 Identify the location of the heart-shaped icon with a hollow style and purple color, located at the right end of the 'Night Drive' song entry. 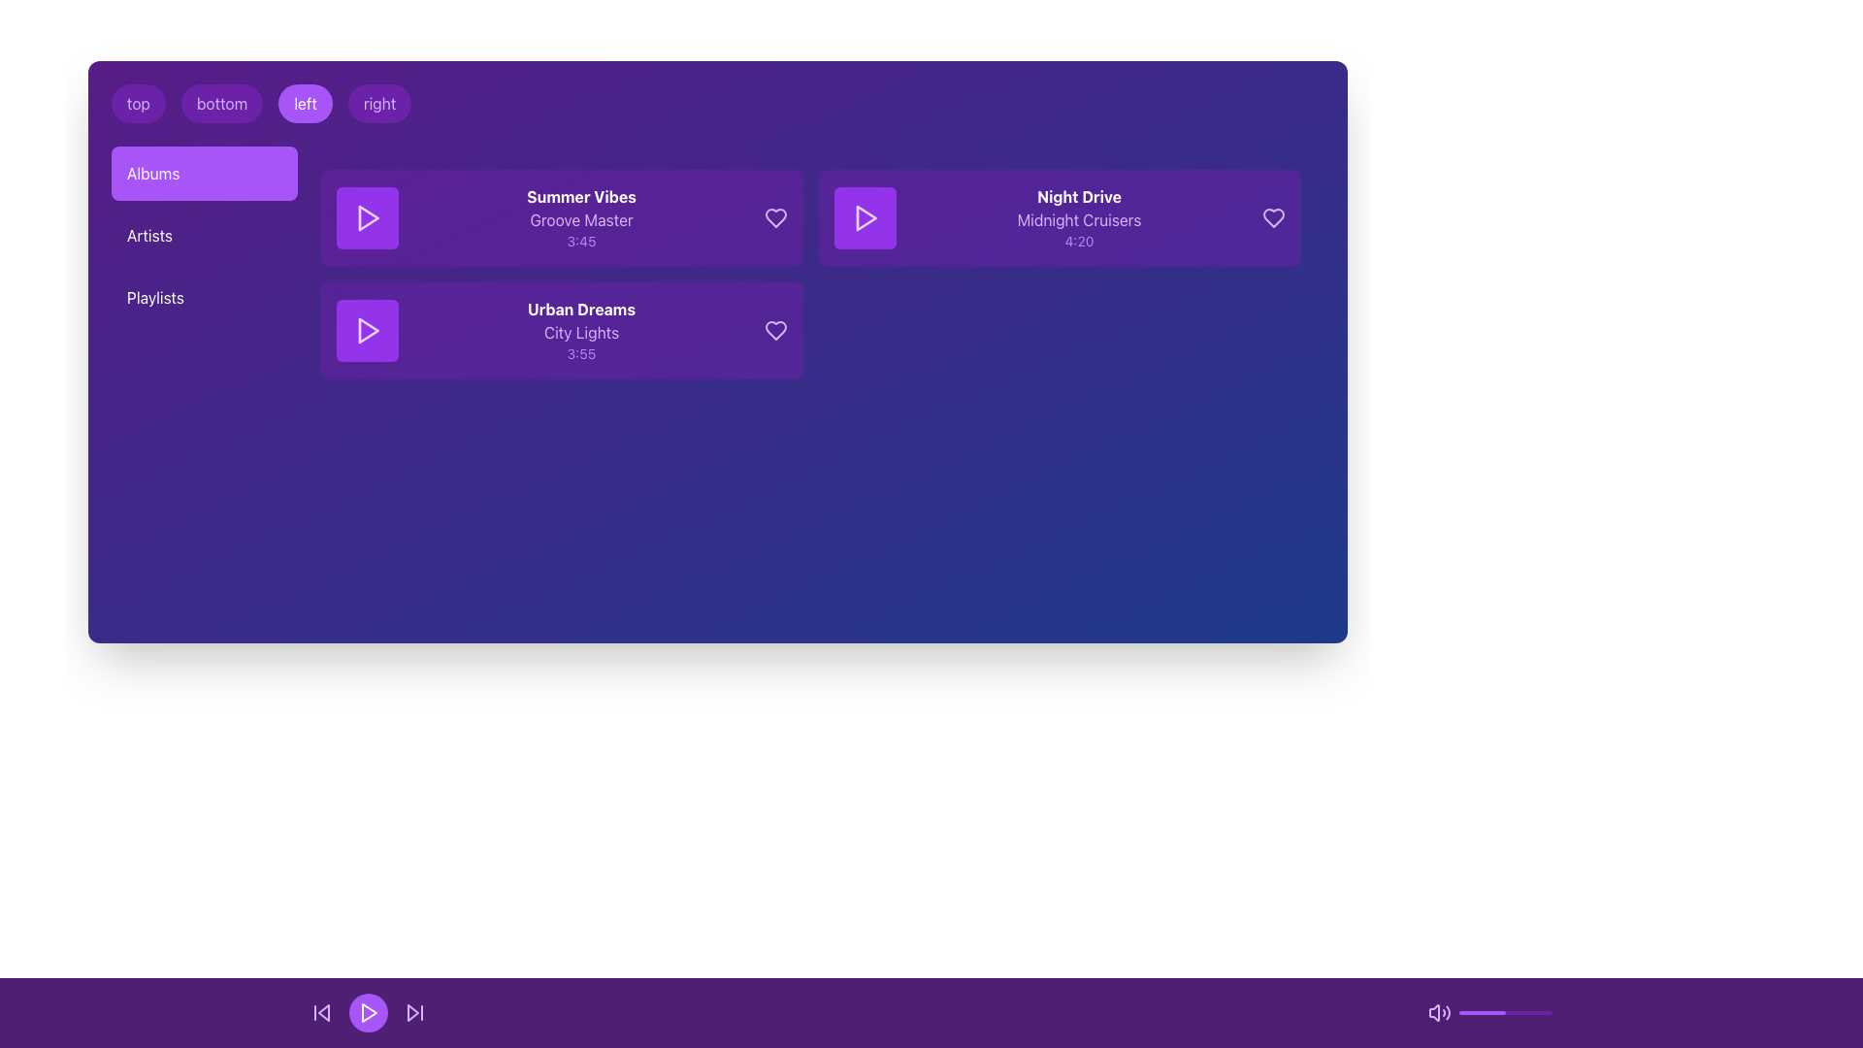
(1274, 217).